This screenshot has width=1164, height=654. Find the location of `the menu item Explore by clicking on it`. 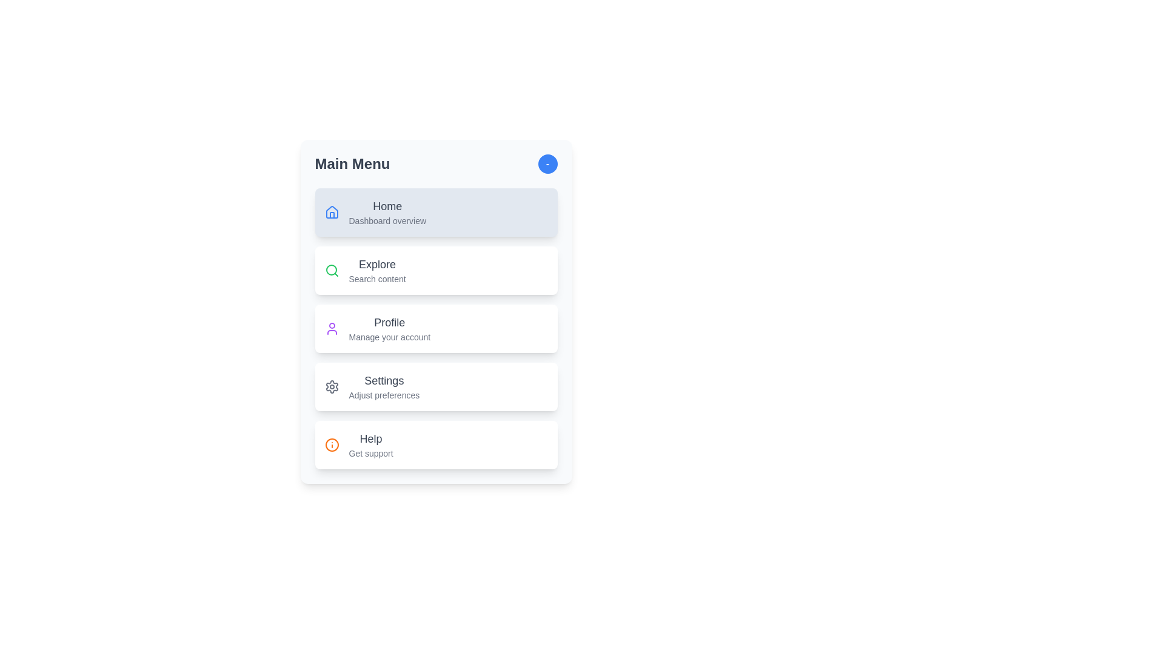

the menu item Explore by clicking on it is located at coordinates (436, 270).